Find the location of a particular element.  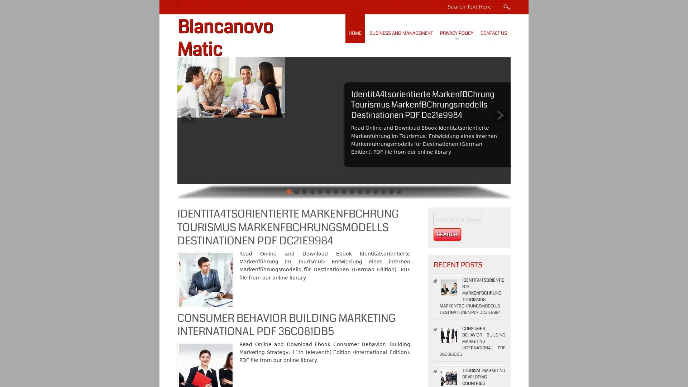

Search is located at coordinates (447, 234).